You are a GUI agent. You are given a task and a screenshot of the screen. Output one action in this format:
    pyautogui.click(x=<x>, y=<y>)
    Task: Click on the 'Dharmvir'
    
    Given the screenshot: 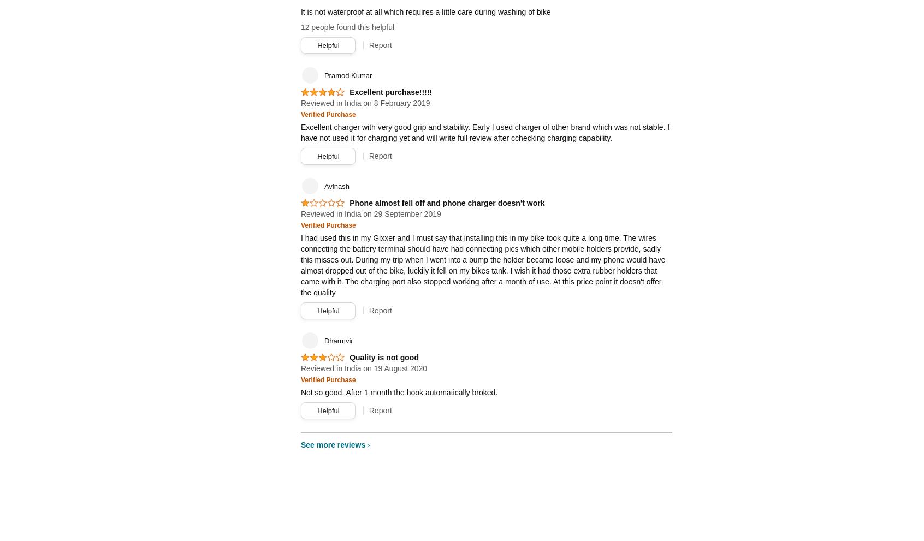 What is the action you would take?
    pyautogui.click(x=337, y=341)
    